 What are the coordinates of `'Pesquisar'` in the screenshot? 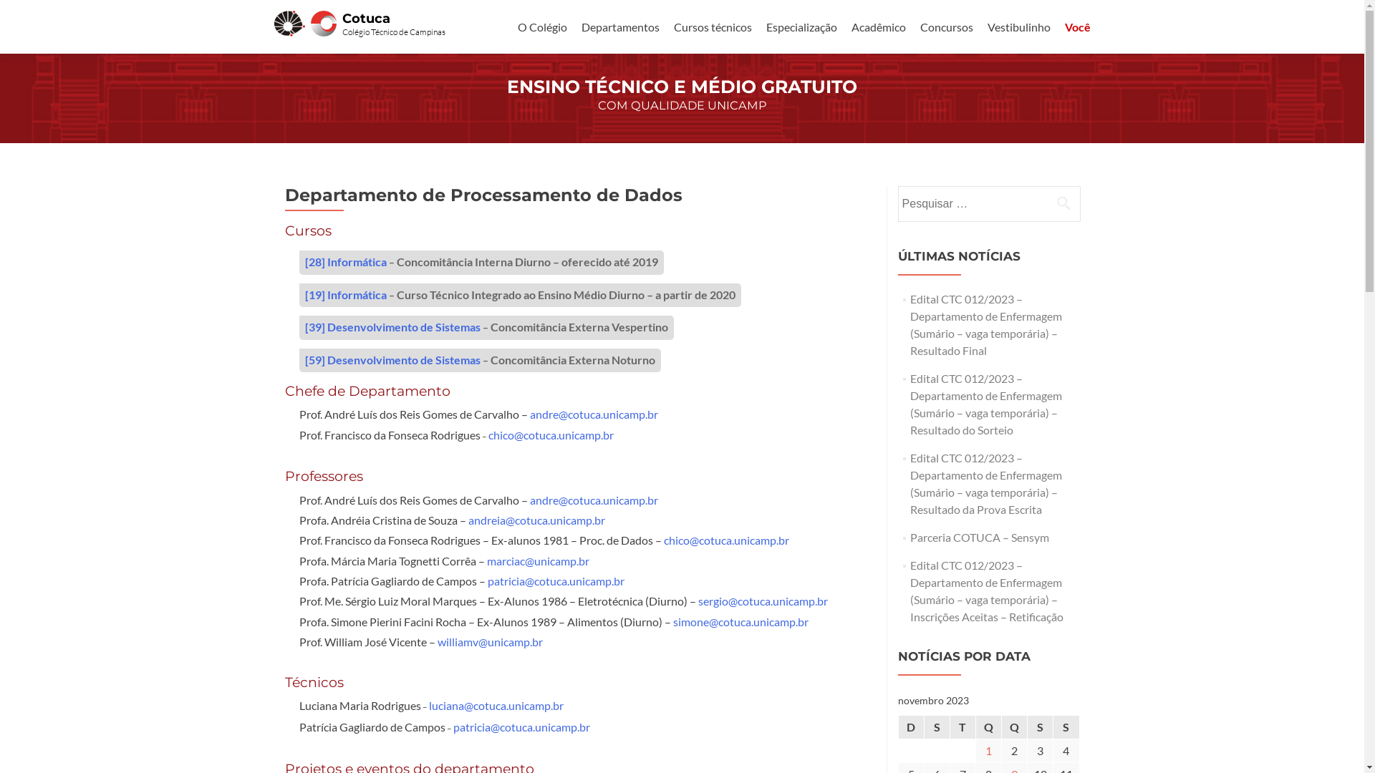 It's located at (1063, 202).